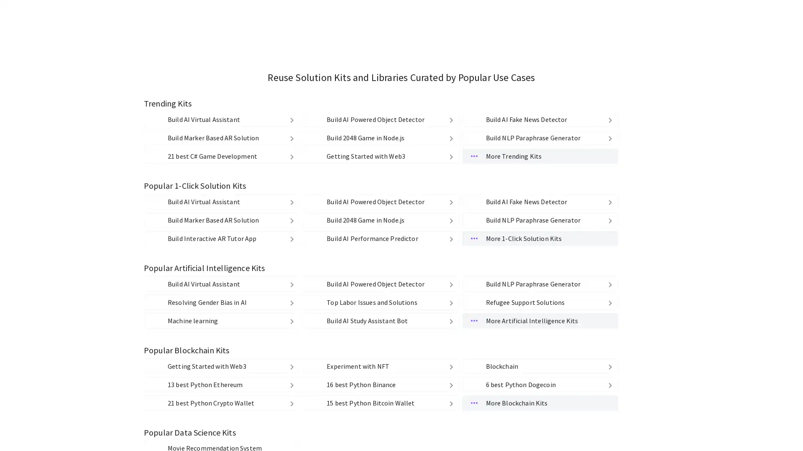  What do you see at coordinates (281, 329) in the screenshot?
I see `delete` at bounding box center [281, 329].